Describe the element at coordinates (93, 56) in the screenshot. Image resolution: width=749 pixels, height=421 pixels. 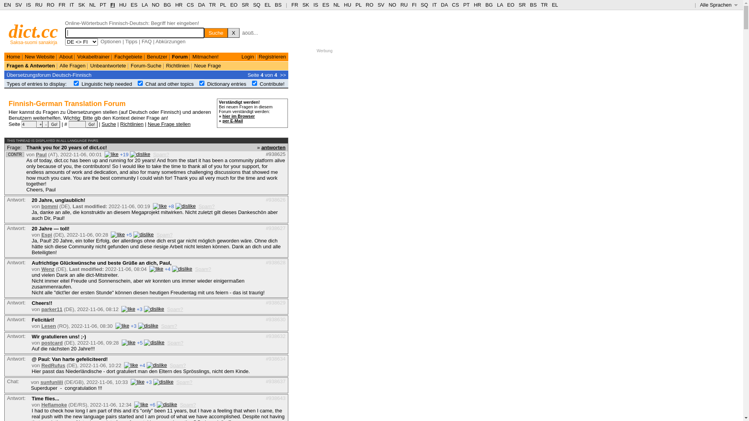
I see `'Vokabeltrainer'` at that location.